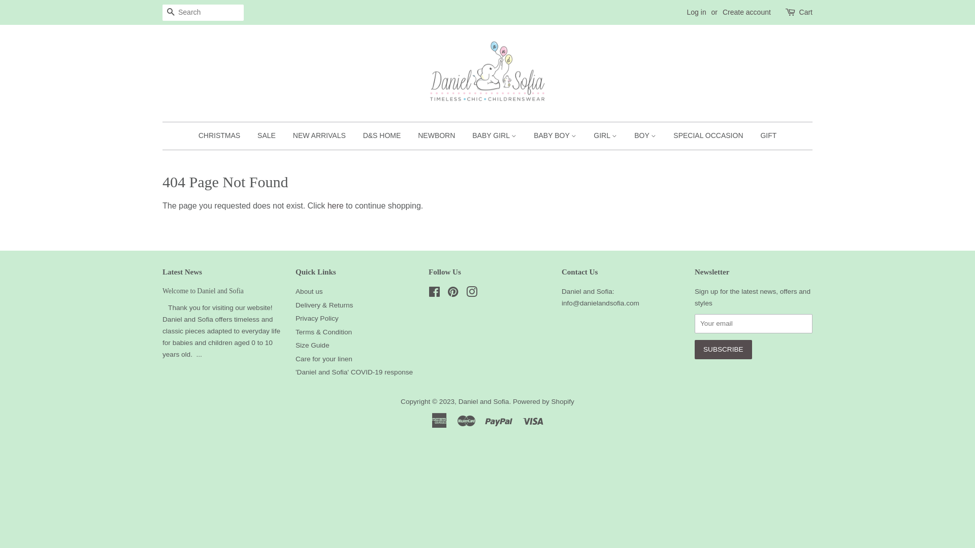 This screenshot has height=548, width=975. I want to click on 'Delivery & Returns', so click(323, 304).